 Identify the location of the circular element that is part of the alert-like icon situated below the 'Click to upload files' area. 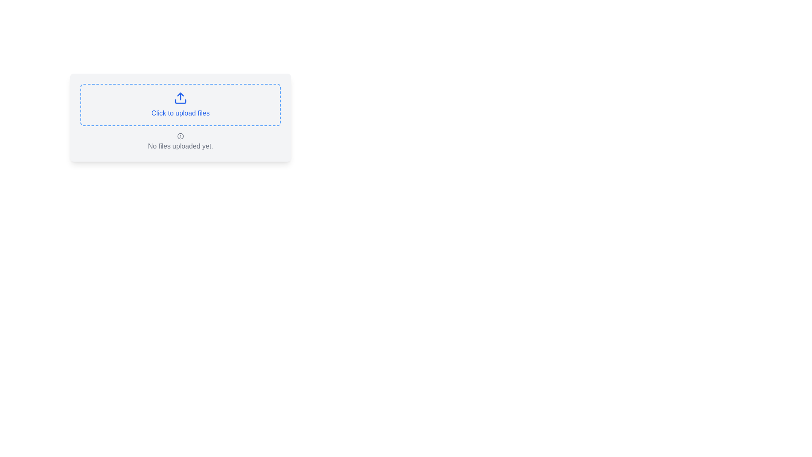
(180, 135).